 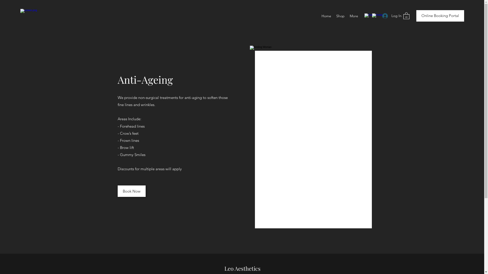 I want to click on 'Leo Aesthetics', so click(x=242, y=268).